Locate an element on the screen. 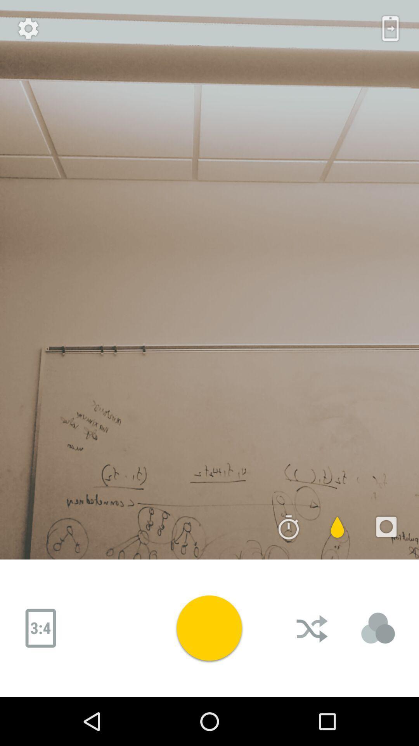 Image resolution: width=419 pixels, height=746 pixels. change format is located at coordinates (40, 628).